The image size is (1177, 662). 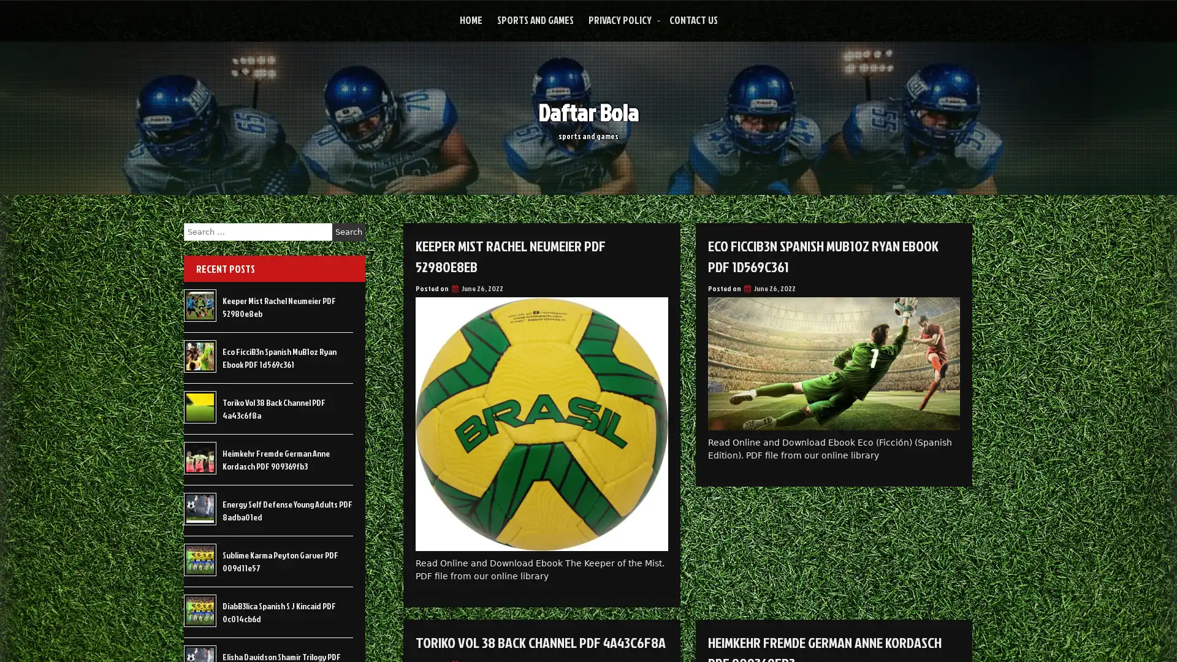 I want to click on Search, so click(x=348, y=232).